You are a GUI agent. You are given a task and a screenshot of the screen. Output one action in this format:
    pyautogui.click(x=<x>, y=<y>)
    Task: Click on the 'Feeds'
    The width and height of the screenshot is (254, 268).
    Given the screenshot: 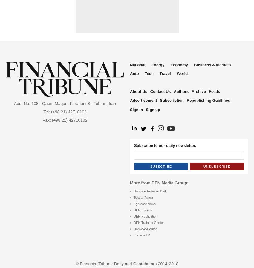 What is the action you would take?
    pyautogui.click(x=214, y=91)
    